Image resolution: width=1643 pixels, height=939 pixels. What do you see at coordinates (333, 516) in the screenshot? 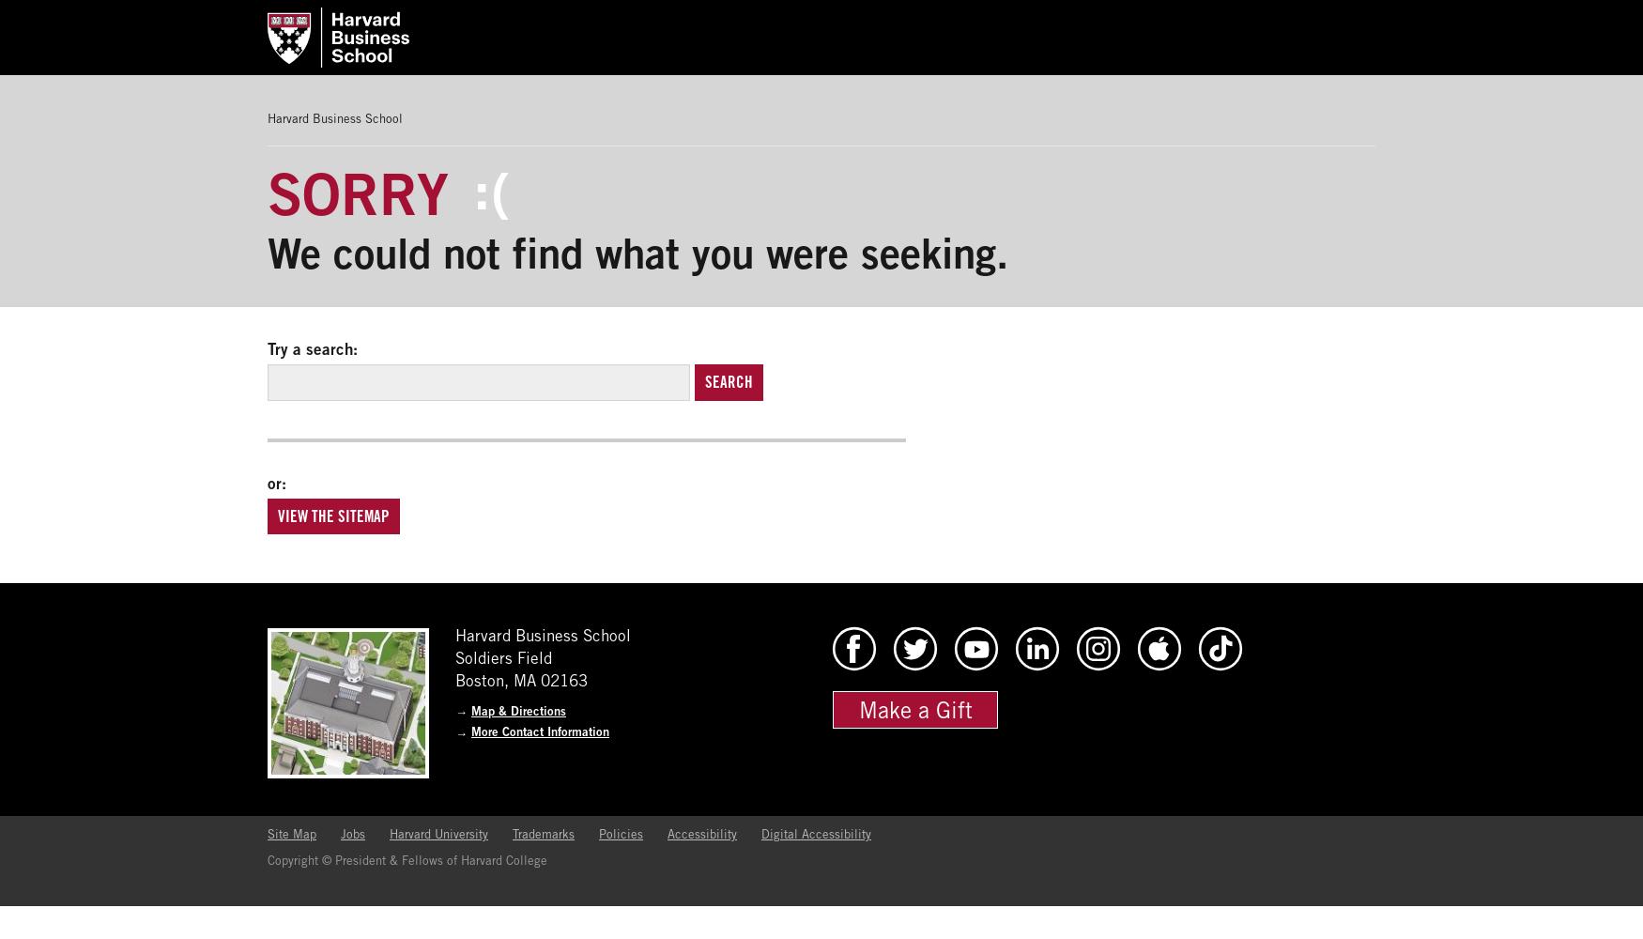
I see `'View the sitemap'` at bounding box center [333, 516].